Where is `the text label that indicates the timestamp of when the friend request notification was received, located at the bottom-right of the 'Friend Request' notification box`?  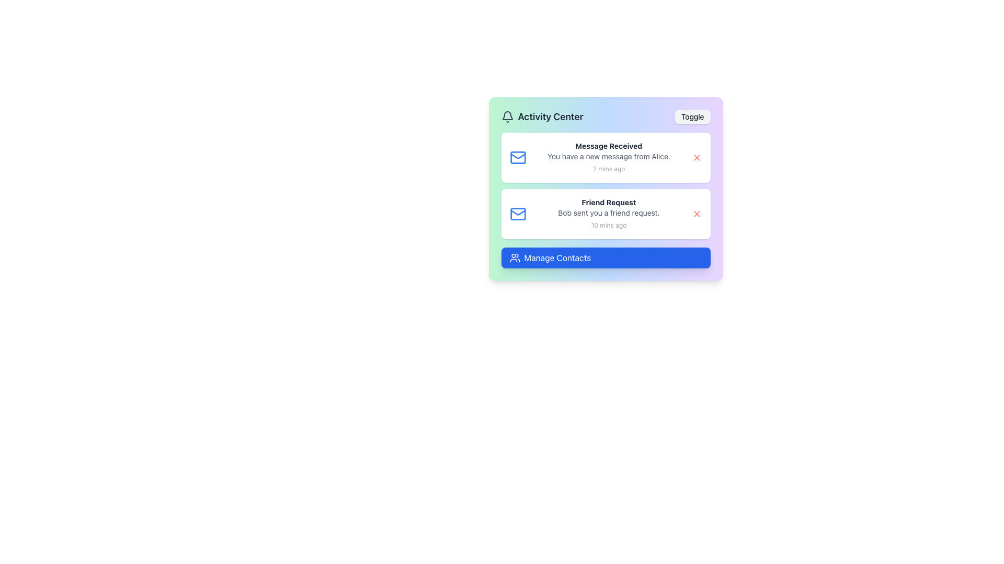
the text label that indicates the timestamp of when the friend request notification was received, located at the bottom-right of the 'Friend Request' notification box is located at coordinates (609, 225).